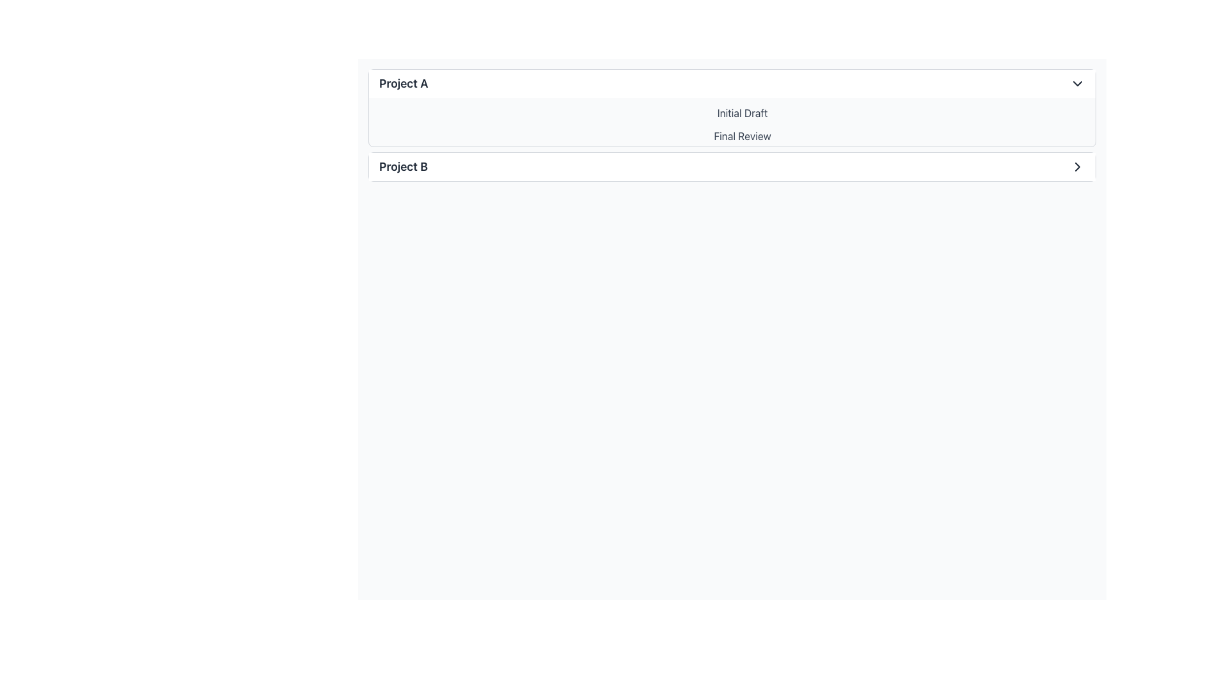 The width and height of the screenshot is (1228, 691). I want to click on the chevron icon located at the top-right corner of the 'Project B' listing, so click(1076, 166).